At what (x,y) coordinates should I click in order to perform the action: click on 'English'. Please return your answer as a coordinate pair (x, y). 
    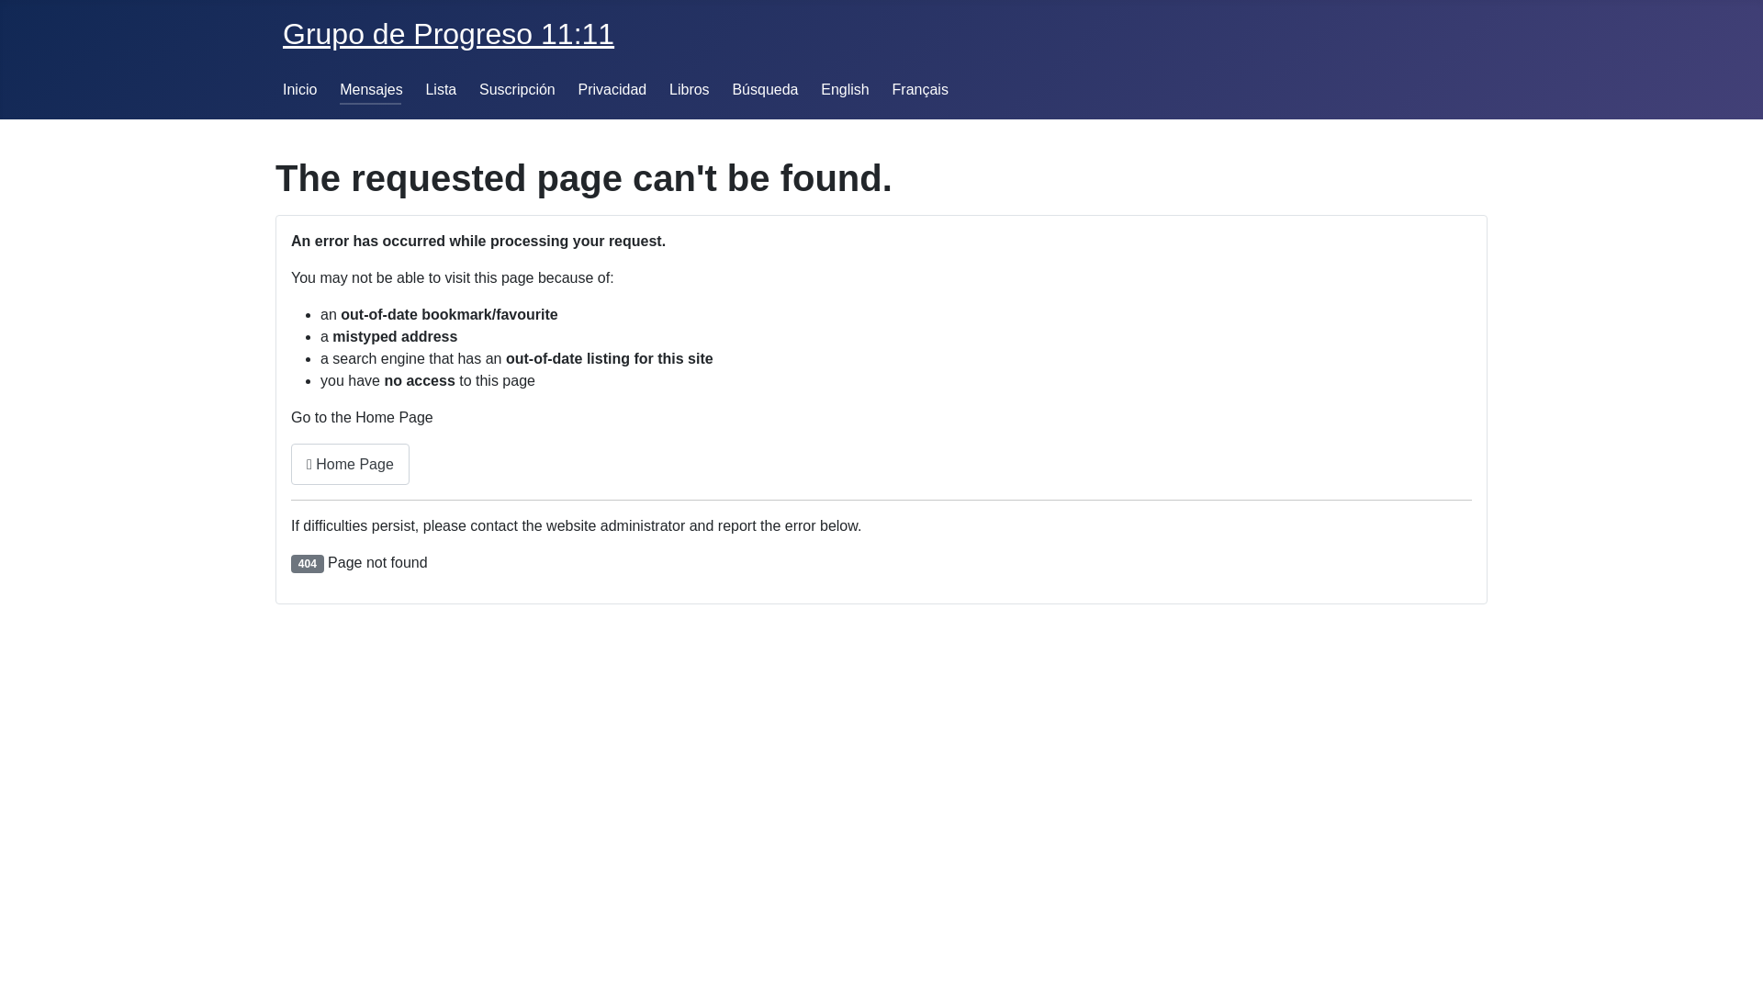
    Looking at the image, I should click on (844, 89).